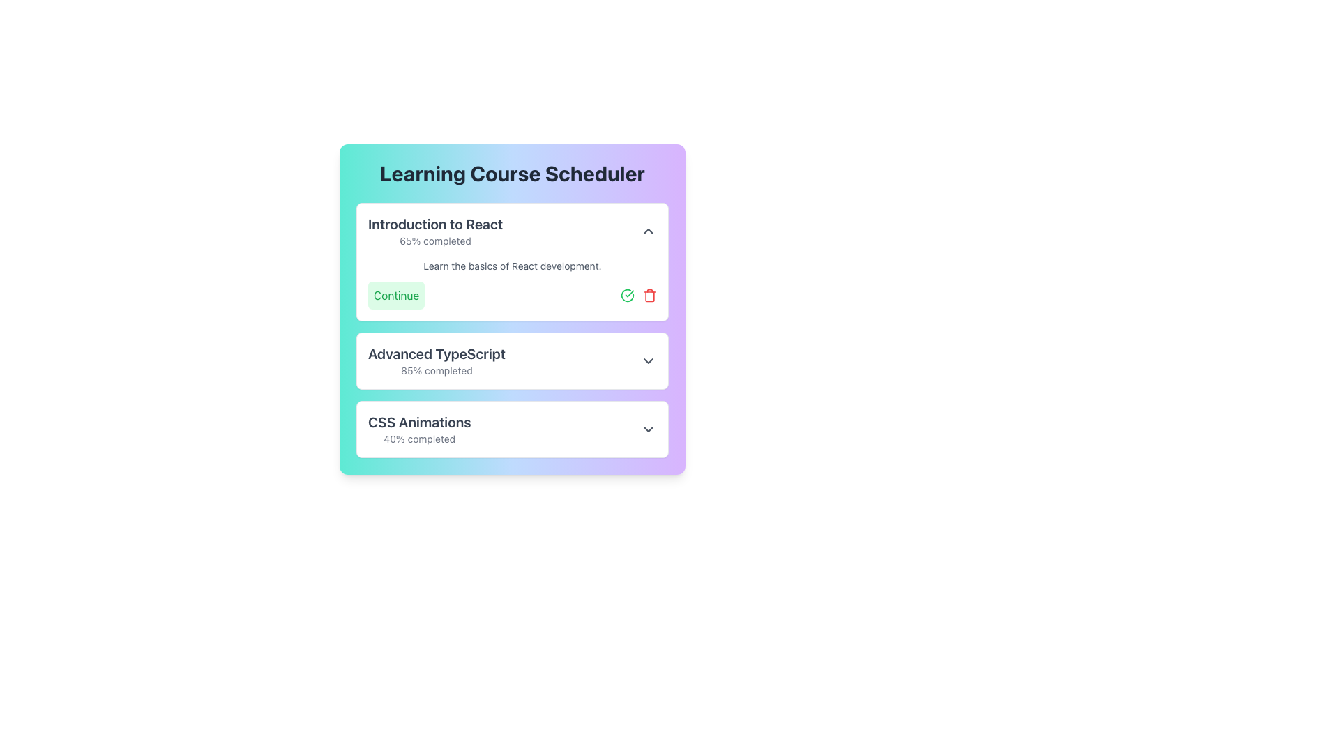 This screenshot has width=1339, height=753. I want to click on displayed text of the Label element showing '40% completed' located beneath the title 'CSS Animations', so click(418, 438).